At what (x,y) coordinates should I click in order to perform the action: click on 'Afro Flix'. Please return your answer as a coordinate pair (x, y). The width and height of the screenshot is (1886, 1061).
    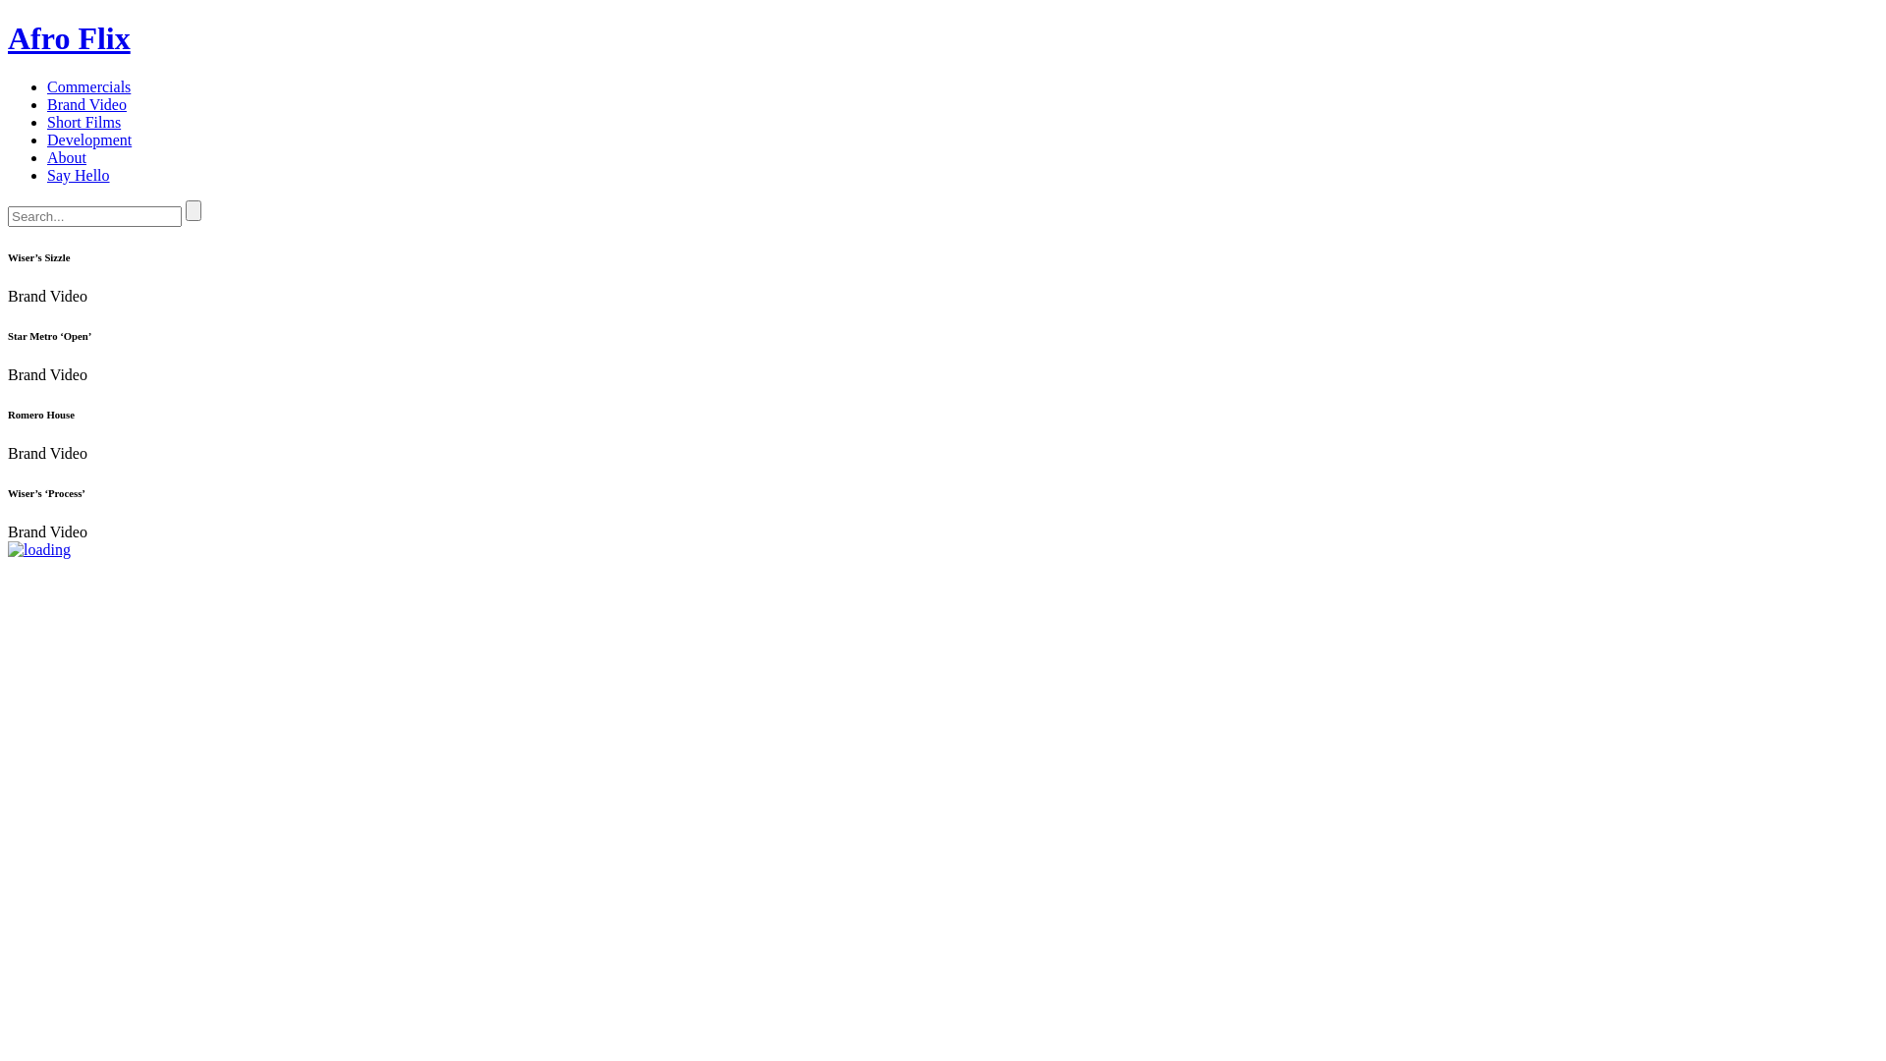
    Looking at the image, I should click on (8, 37).